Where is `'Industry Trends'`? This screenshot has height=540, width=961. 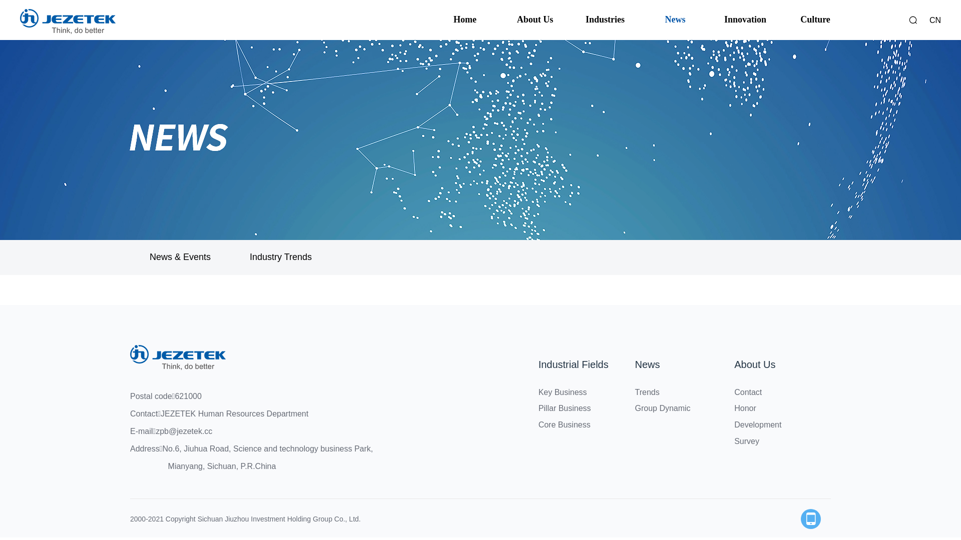
'Industry Trends' is located at coordinates (280, 257).